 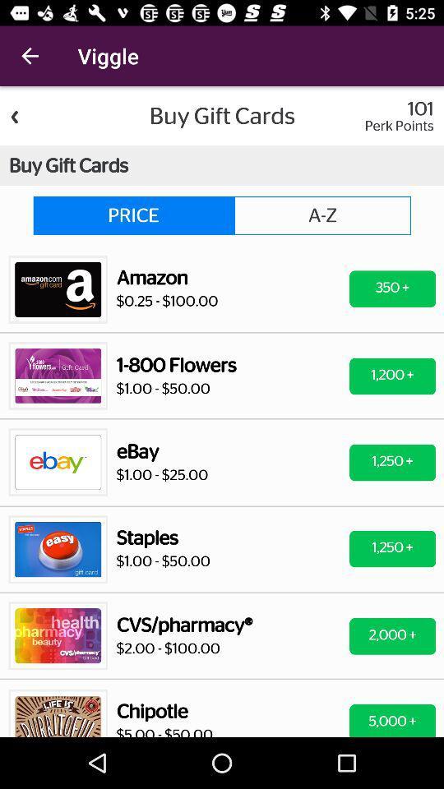 I want to click on buy gift card options, so click(x=222, y=411).